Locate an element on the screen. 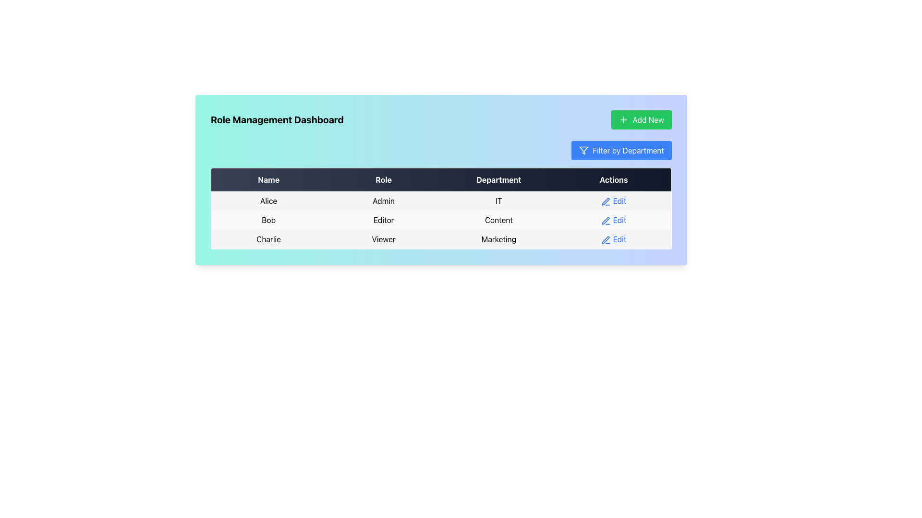  the 'Edit' hyperlink with an icon located in the rightmost column of the first row of the table, which is aligned with the 'Admin' role in the 'IT' department is located at coordinates (613, 200).